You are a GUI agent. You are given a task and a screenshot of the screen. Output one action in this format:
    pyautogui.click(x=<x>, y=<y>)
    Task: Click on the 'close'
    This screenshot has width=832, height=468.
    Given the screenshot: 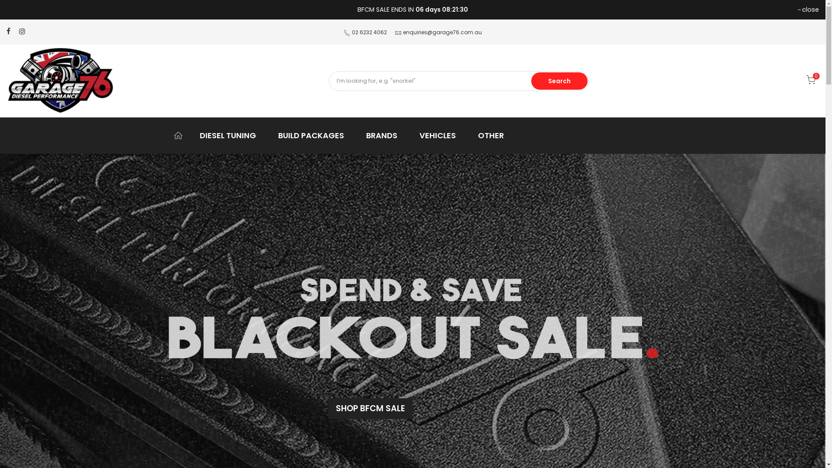 What is the action you would take?
    pyautogui.click(x=808, y=10)
    